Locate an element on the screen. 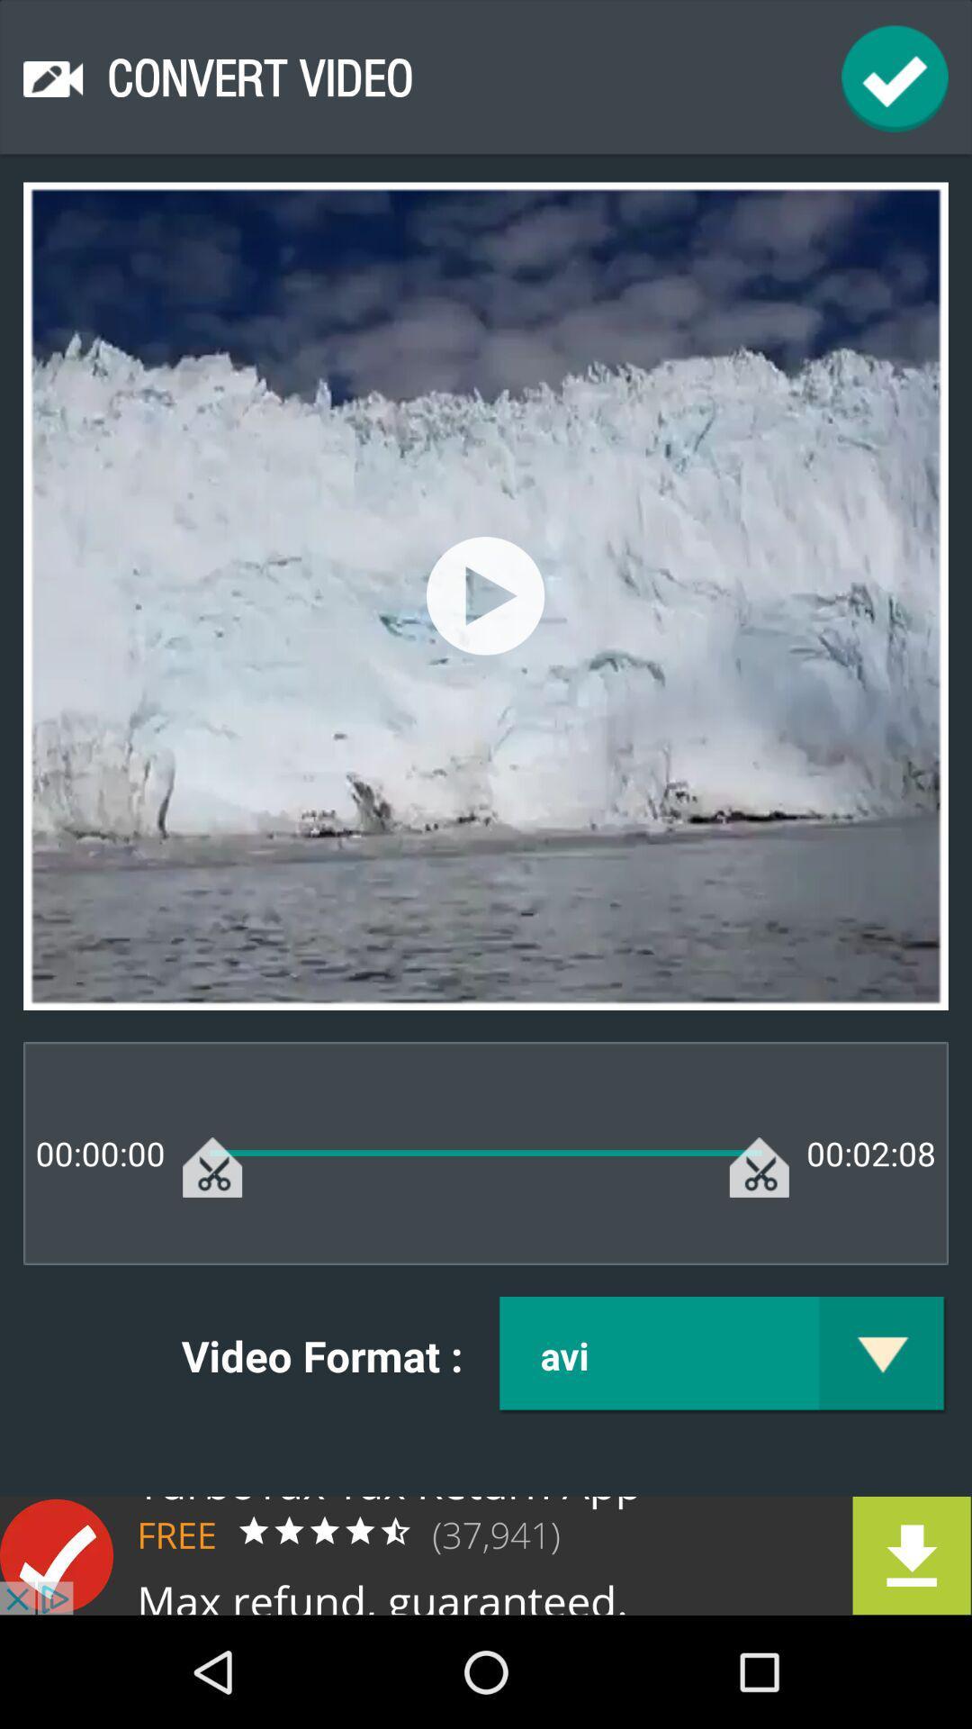  start video is located at coordinates (484, 595).